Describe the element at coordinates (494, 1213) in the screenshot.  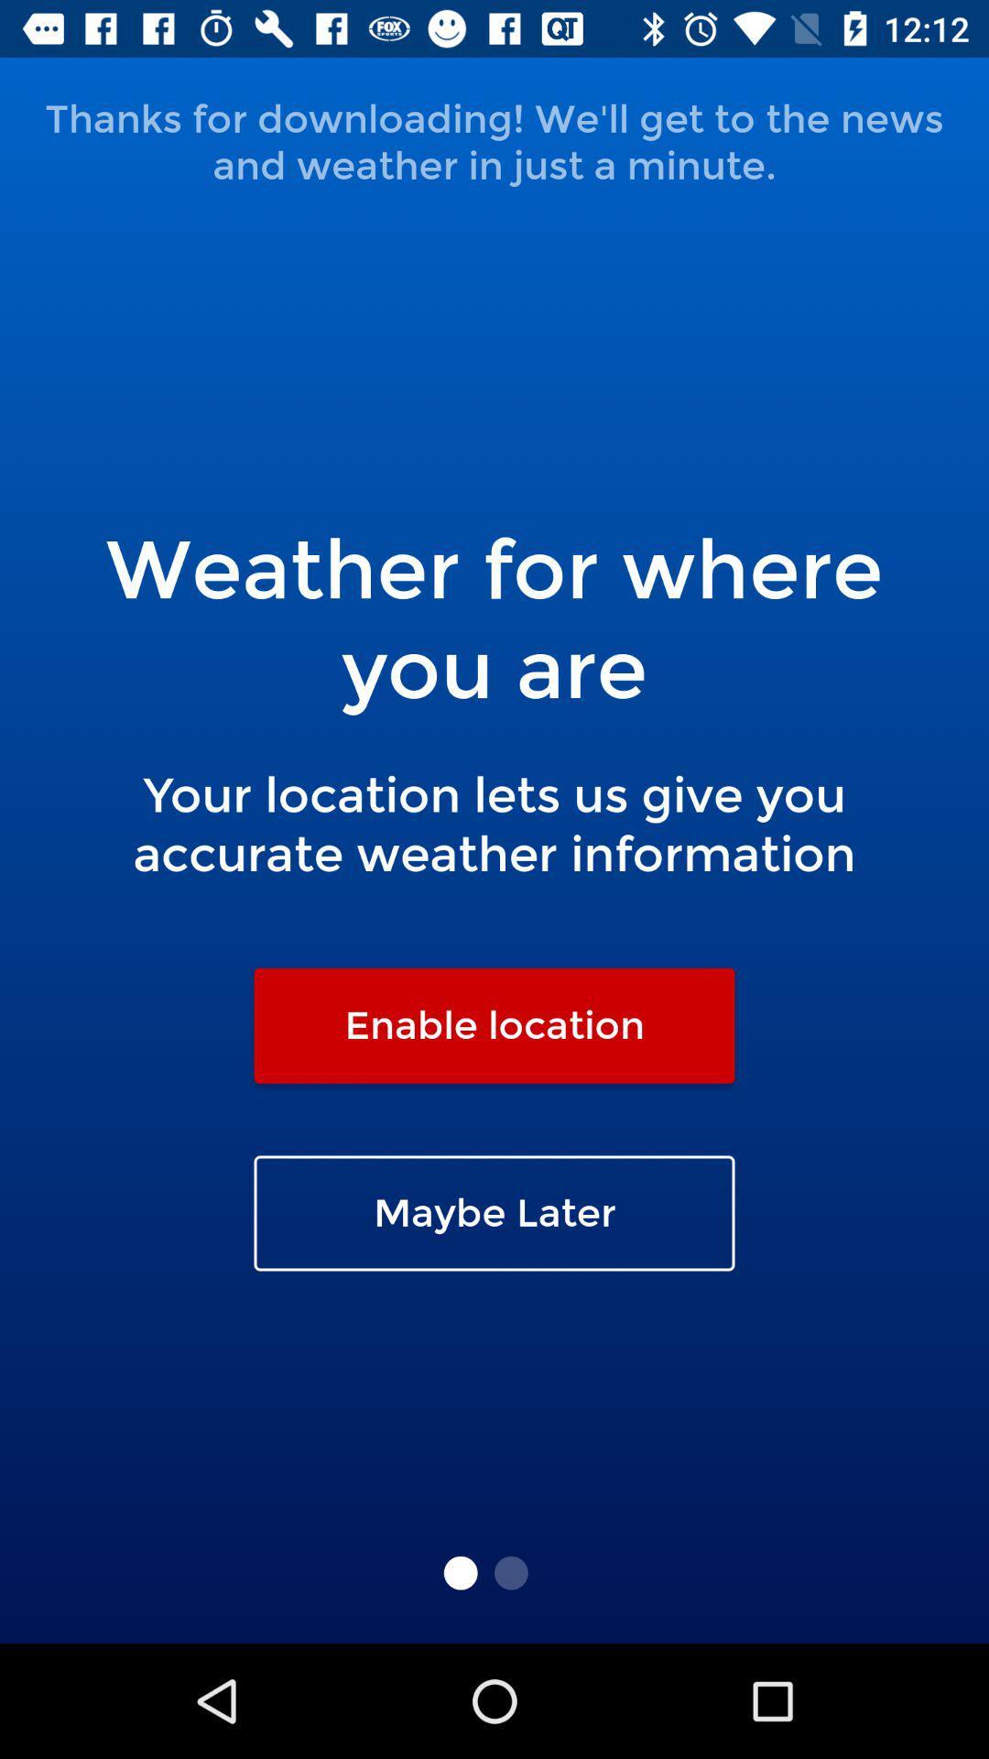
I see `the maybe later` at that location.